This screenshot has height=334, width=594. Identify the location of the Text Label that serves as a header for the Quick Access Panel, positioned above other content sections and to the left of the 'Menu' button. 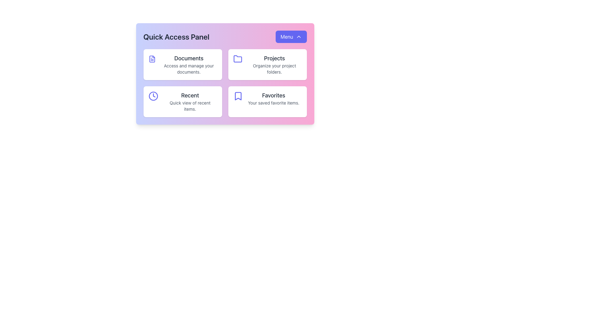
(176, 37).